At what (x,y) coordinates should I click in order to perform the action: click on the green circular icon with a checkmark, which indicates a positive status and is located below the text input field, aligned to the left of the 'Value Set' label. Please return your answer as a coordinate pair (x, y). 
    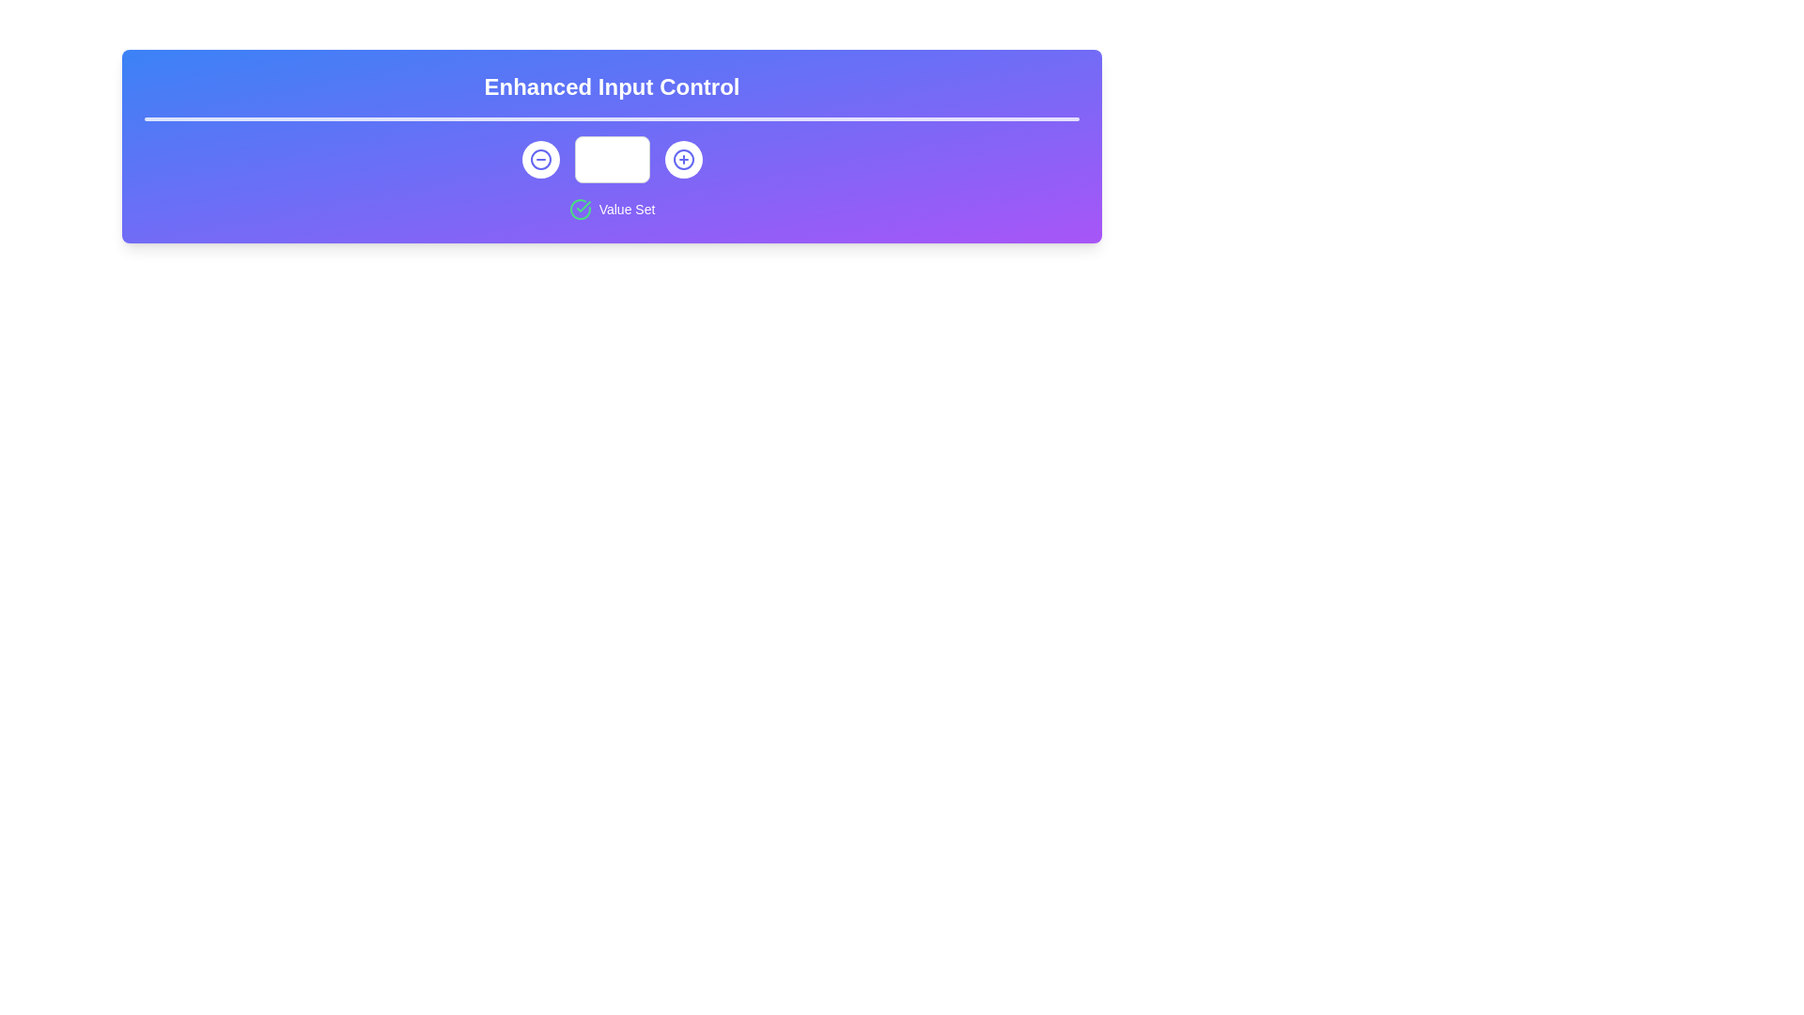
    Looking at the image, I should click on (579, 210).